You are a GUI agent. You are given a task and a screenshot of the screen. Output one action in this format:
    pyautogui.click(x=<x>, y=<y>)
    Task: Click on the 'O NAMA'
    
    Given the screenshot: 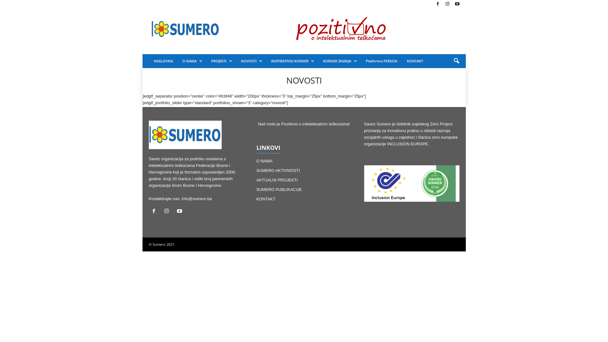 What is the action you would take?
    pyautogui.click(x=264, y=161)
    